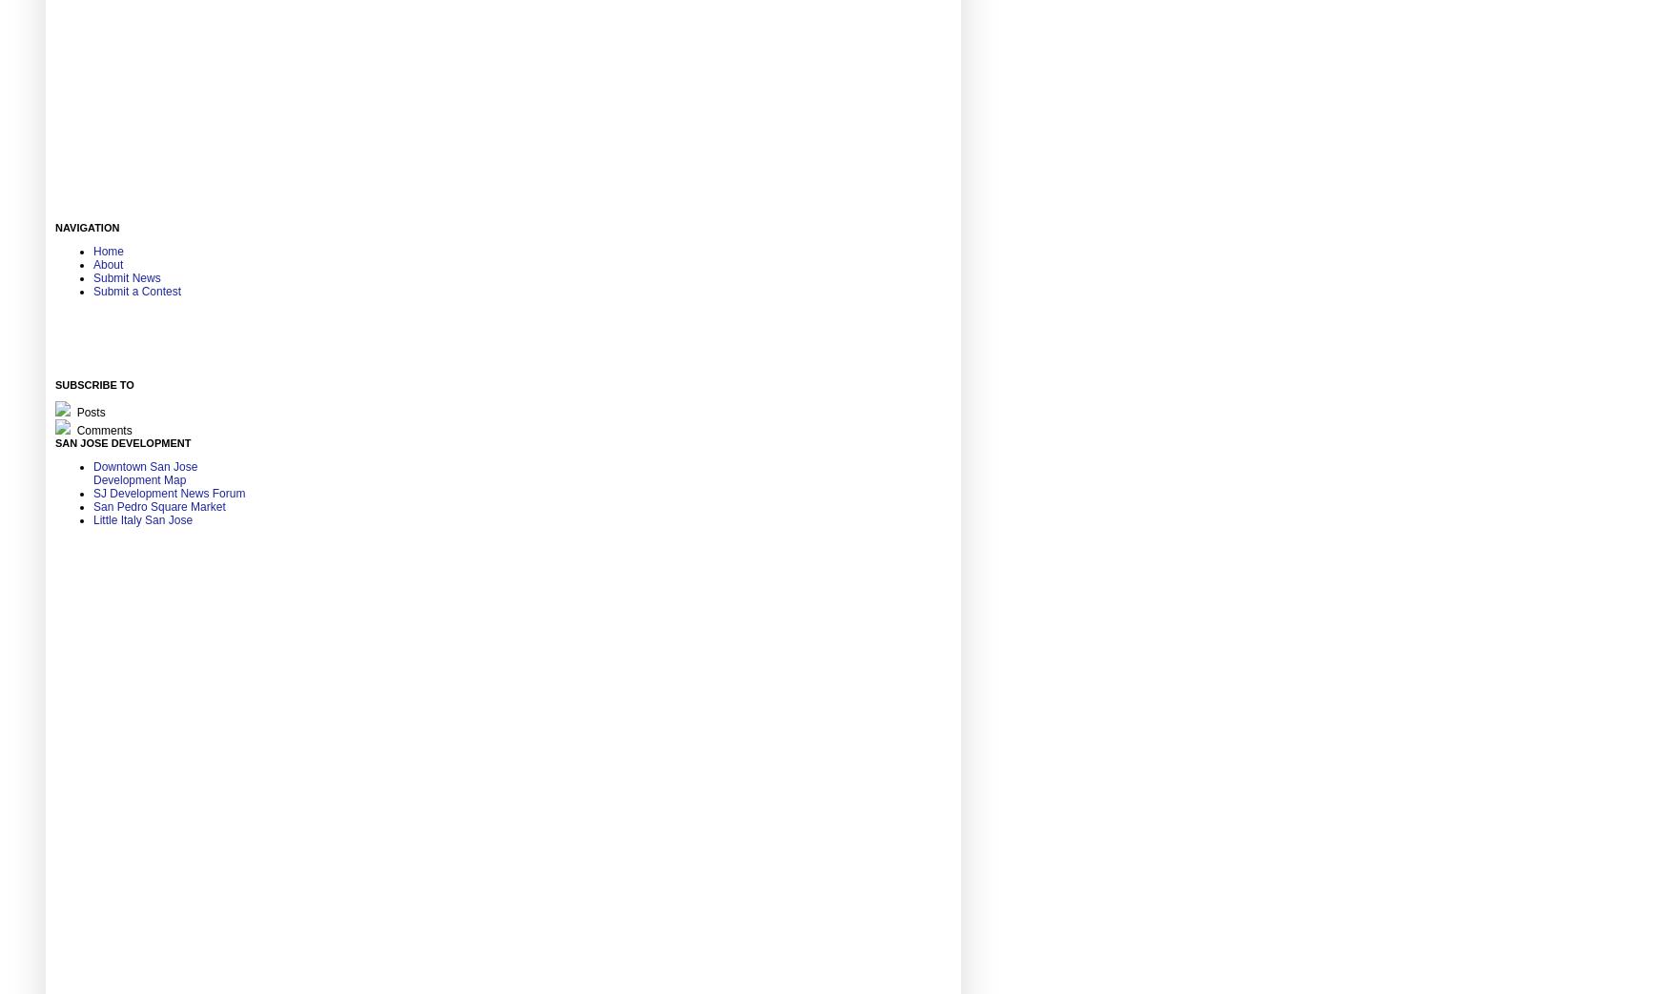 The image size is (1659, 994). What do you see at coordinates (121, 441) in the screenshot?
I see `'San Jose Development'` at bounding box center [121, 441].